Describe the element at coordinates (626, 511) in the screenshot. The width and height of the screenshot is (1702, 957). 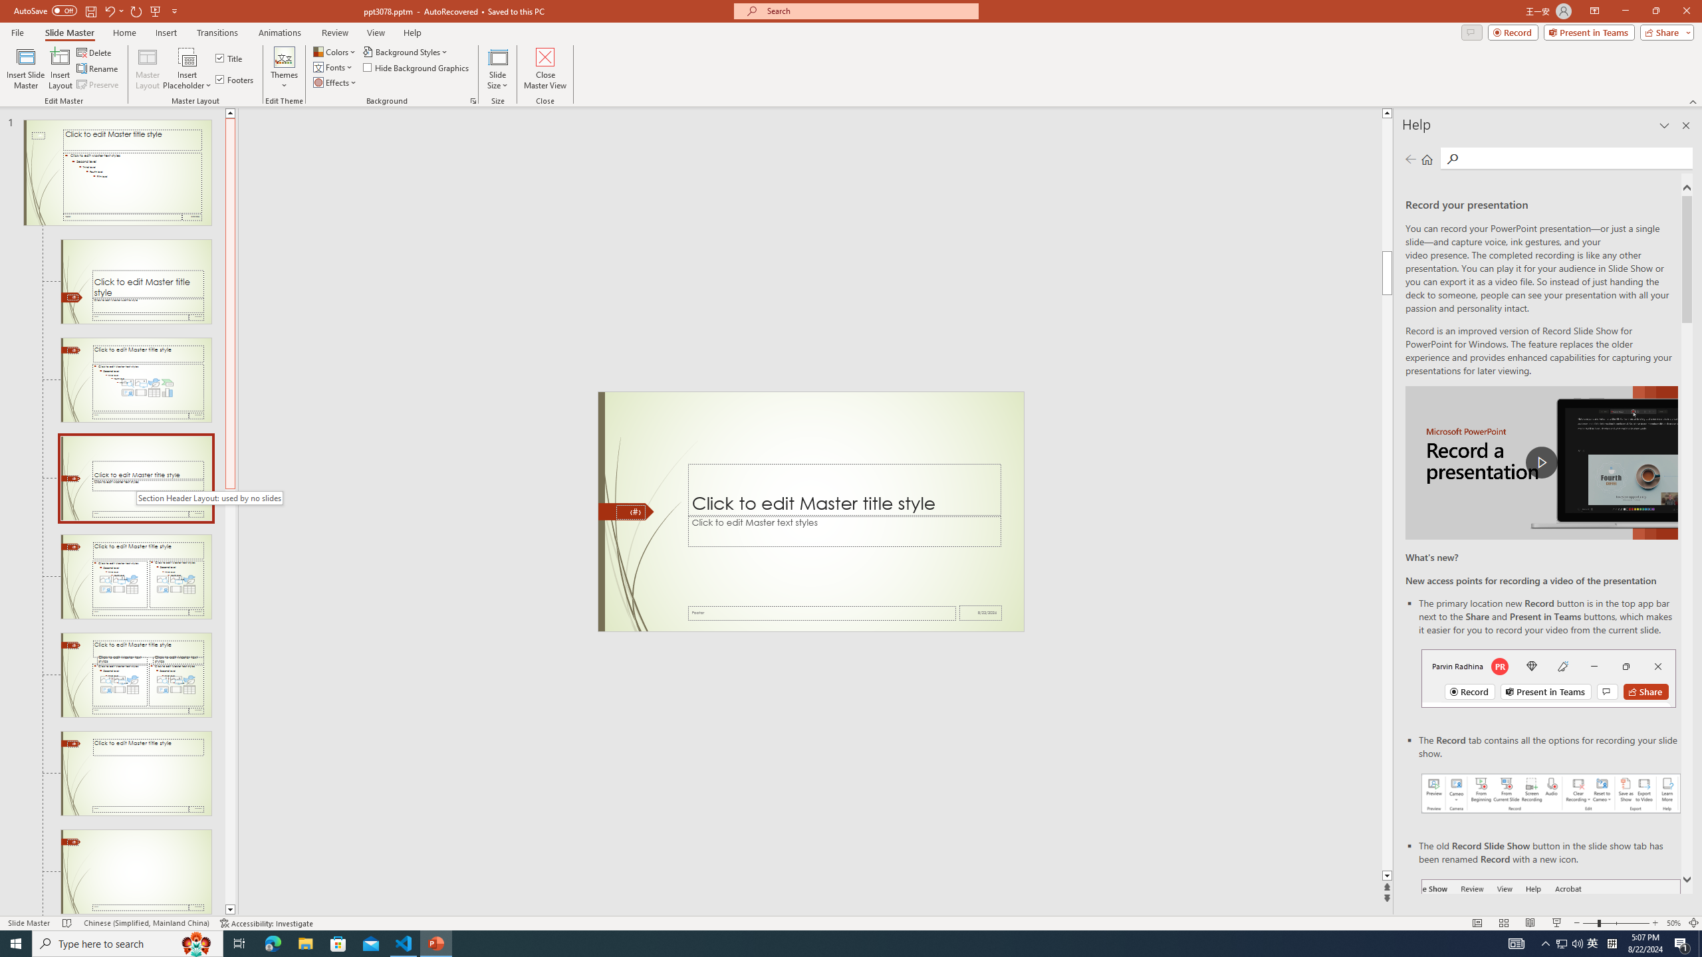
I see `'Freeform 11'` at that location.